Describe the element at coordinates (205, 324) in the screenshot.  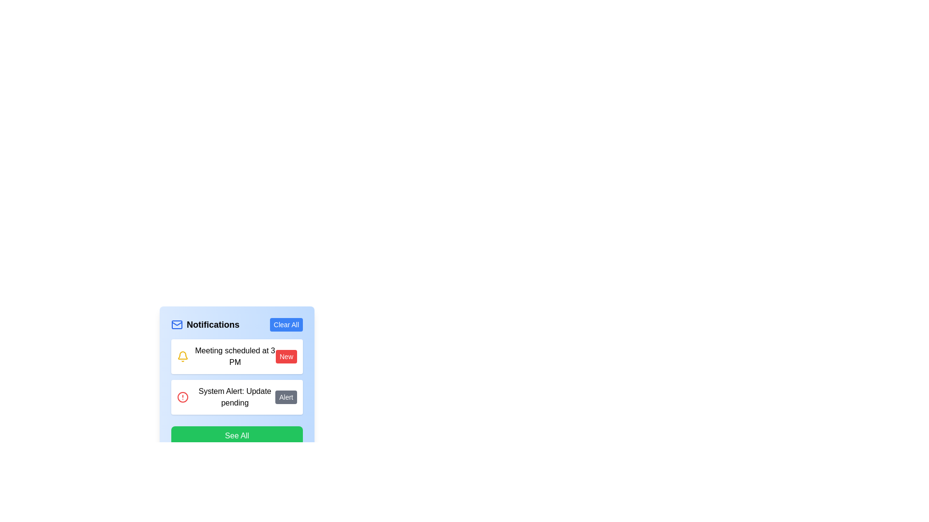
I see `the Notifications label, which features a blue envelope icon and bold black text, positioned at the top section of the notification panel` at that location.